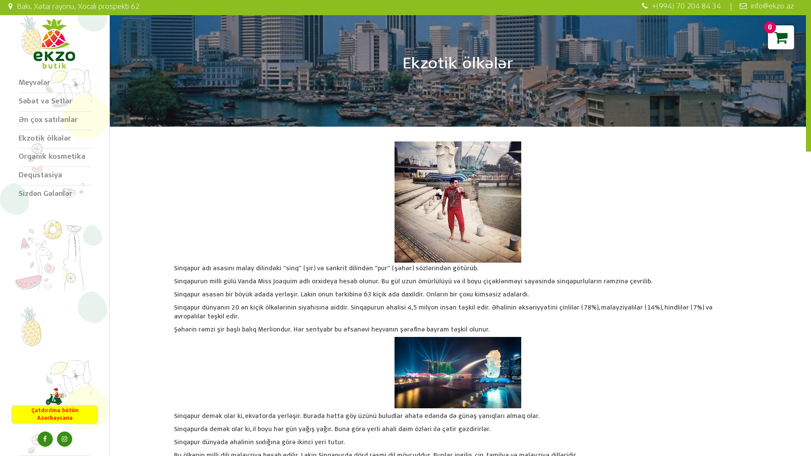 This screenshot has height=456, width=811. I want to click on 'Orqanik kosmetika', so click(54, 158).